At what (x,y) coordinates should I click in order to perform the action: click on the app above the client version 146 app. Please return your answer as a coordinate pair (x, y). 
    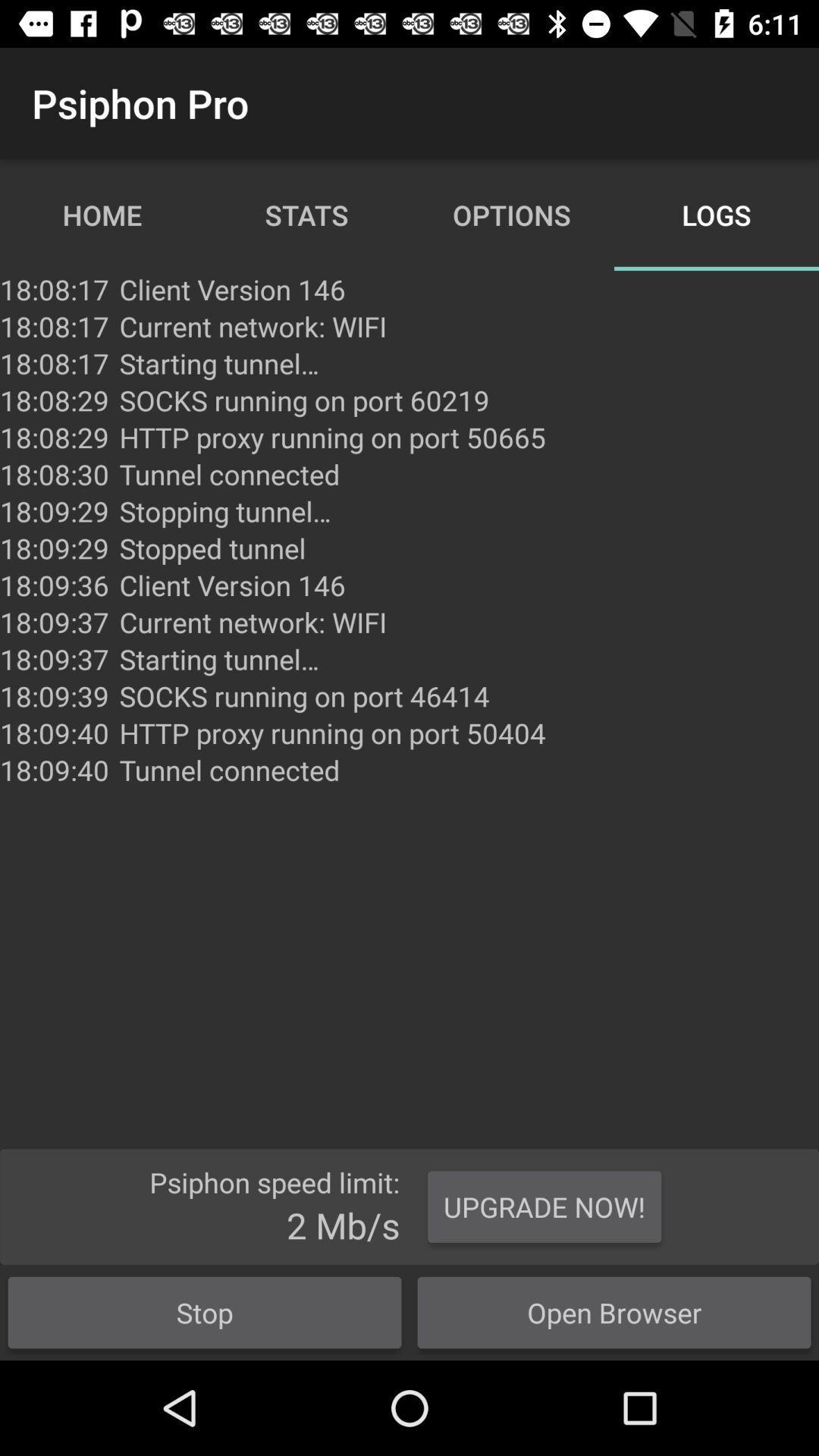
    Looking at the image, I should click on (212, 548).